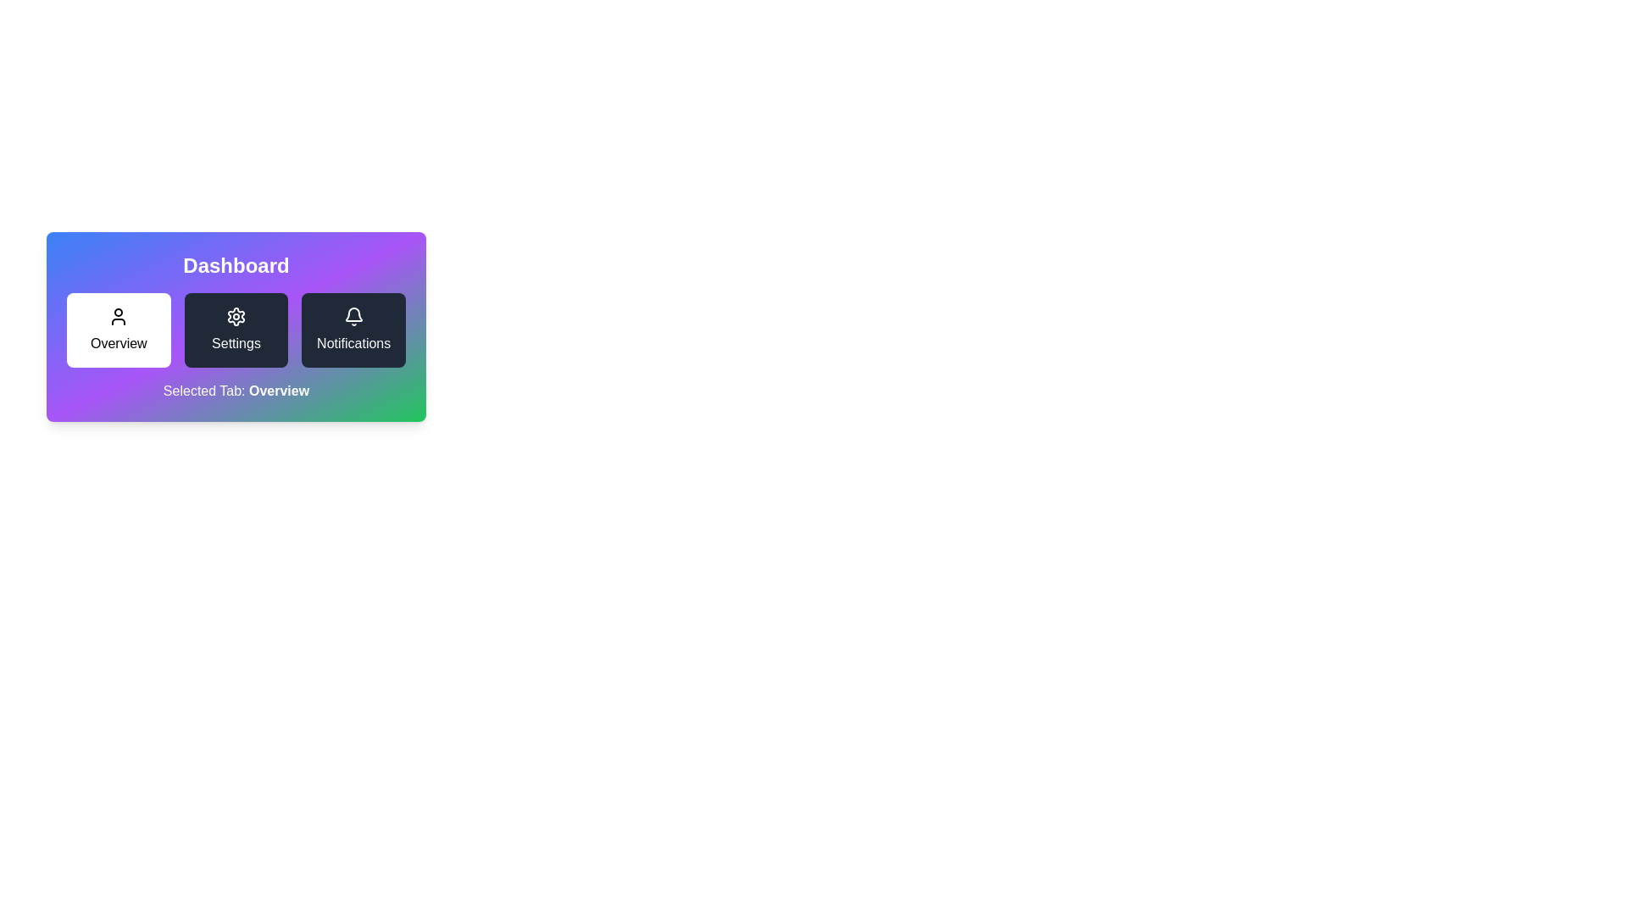  Describe the element at coordinates (235, 343) in the screenshot. I see `the 'Settings' label, which is a text label in white on a dark background, located beneath a gear icon and part of a horizontal row of options` at that location.